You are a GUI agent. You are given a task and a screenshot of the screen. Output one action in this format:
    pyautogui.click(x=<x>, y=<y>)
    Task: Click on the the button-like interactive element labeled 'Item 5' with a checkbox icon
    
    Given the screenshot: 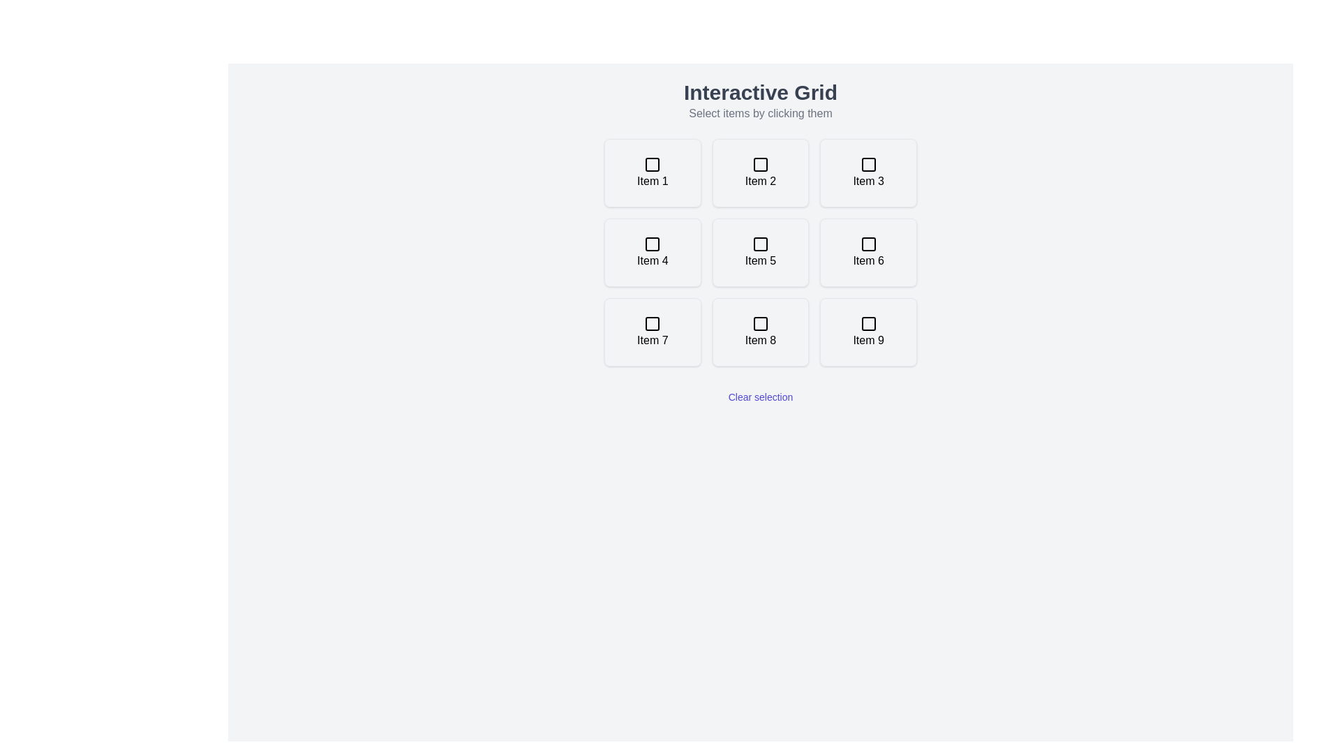 What is the action you would take?
    pyautogui.click(x=759, y=253)
    